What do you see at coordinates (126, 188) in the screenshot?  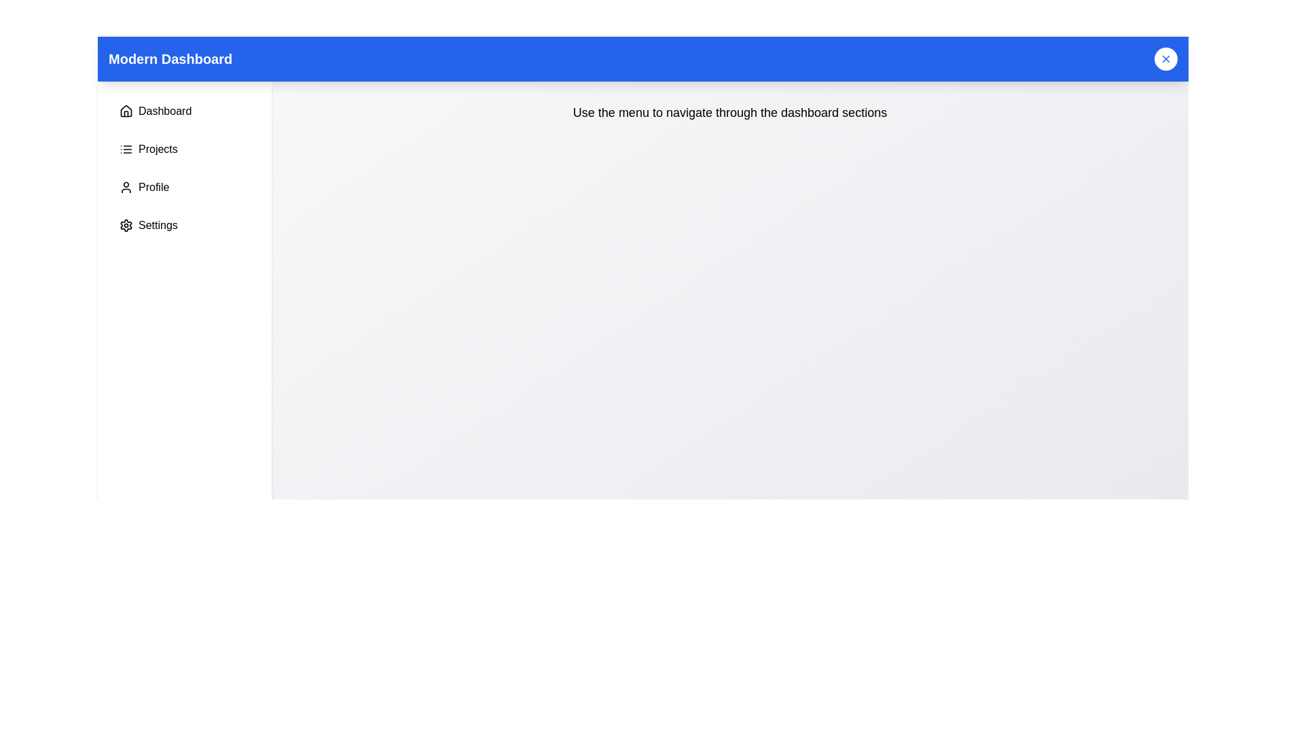 I see `the user profile icon located to the left of the 'Profile' text in the navigation menu` at bounding box center [126, 188].